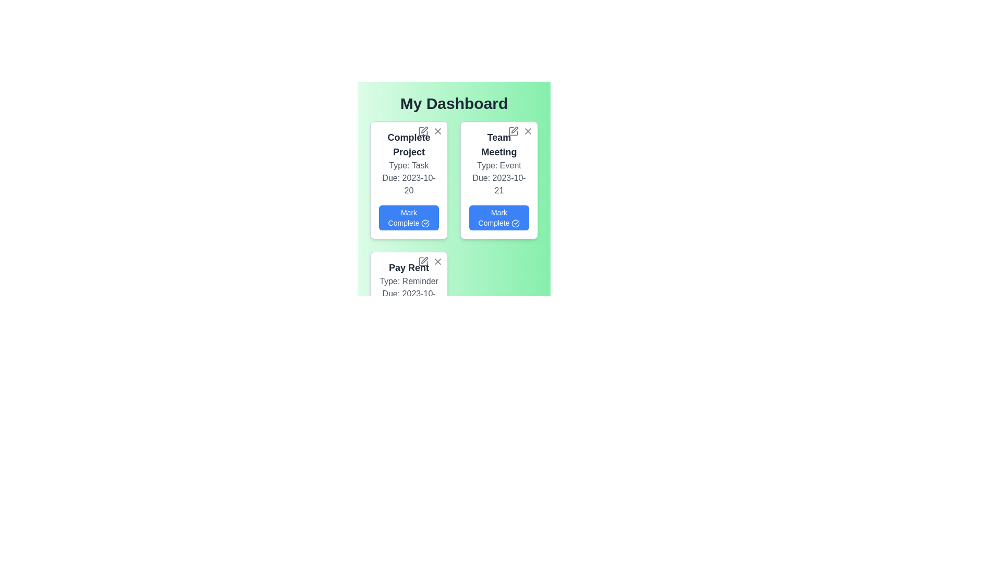  Describe the element at coordinates (408, 184) in the screenshot. I see `the text label displaying 'Due: 2023-10-20' which is part of the card titled 'Complete Project', located in the lower-middle section of the card` at that location.